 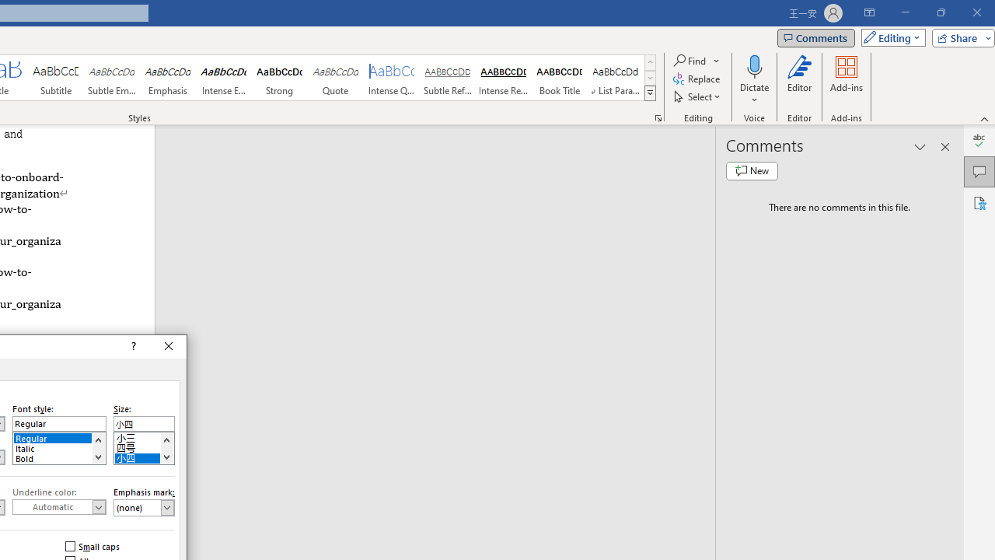 I want to click on 'Class: NetUIImage', so click(x=651, y=93).